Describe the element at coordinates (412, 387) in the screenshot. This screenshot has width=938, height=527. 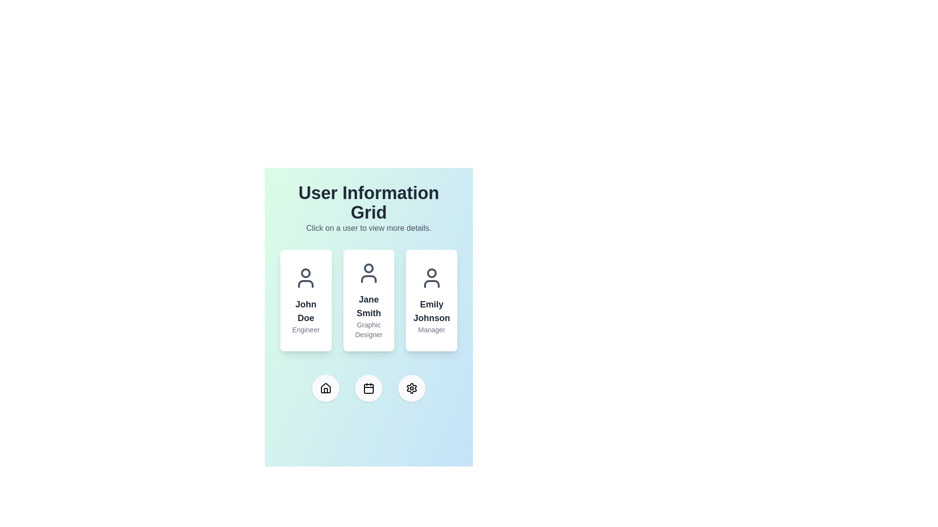
I see `the gear-shaped icon button located at the bottom right corner of the layout` at that location.